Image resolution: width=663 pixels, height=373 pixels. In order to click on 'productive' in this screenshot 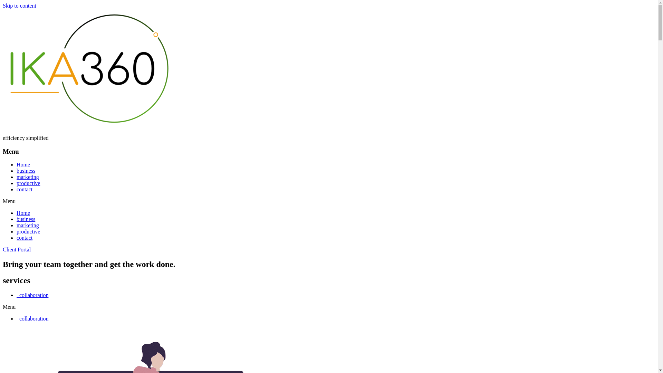, I will do `click(17, 183)`.